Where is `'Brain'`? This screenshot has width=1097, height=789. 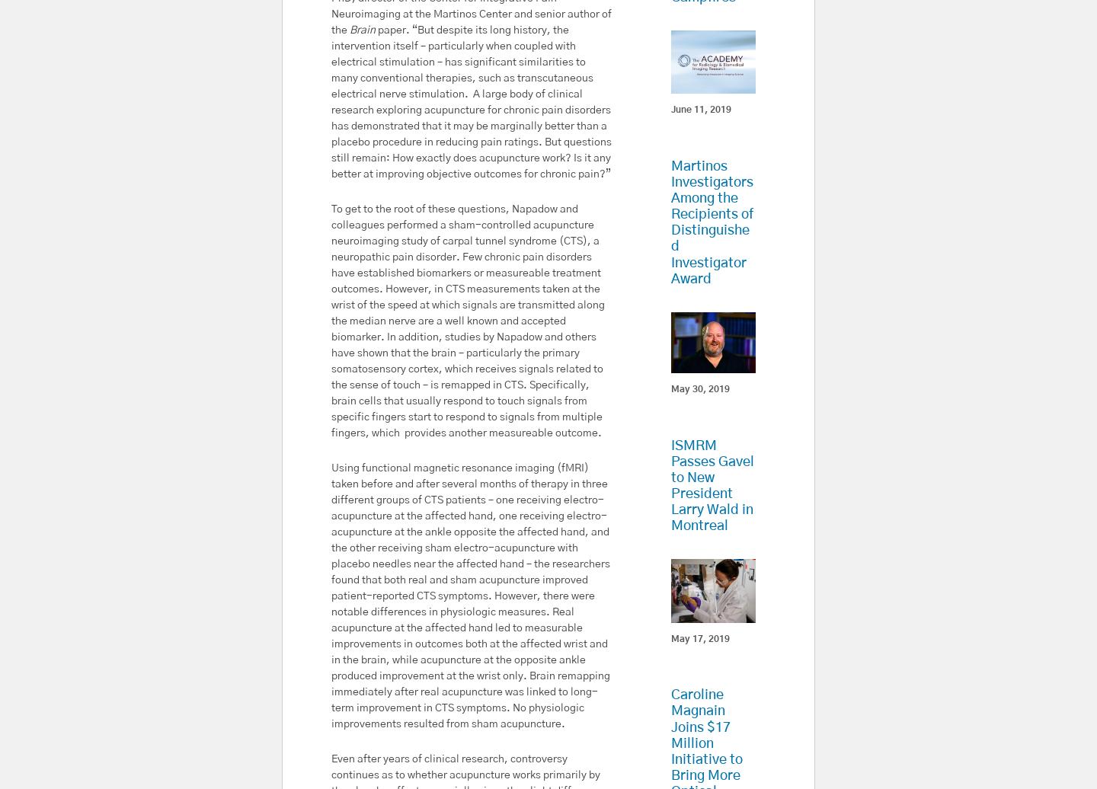
'Brain' is located at coordinates (363, 29).